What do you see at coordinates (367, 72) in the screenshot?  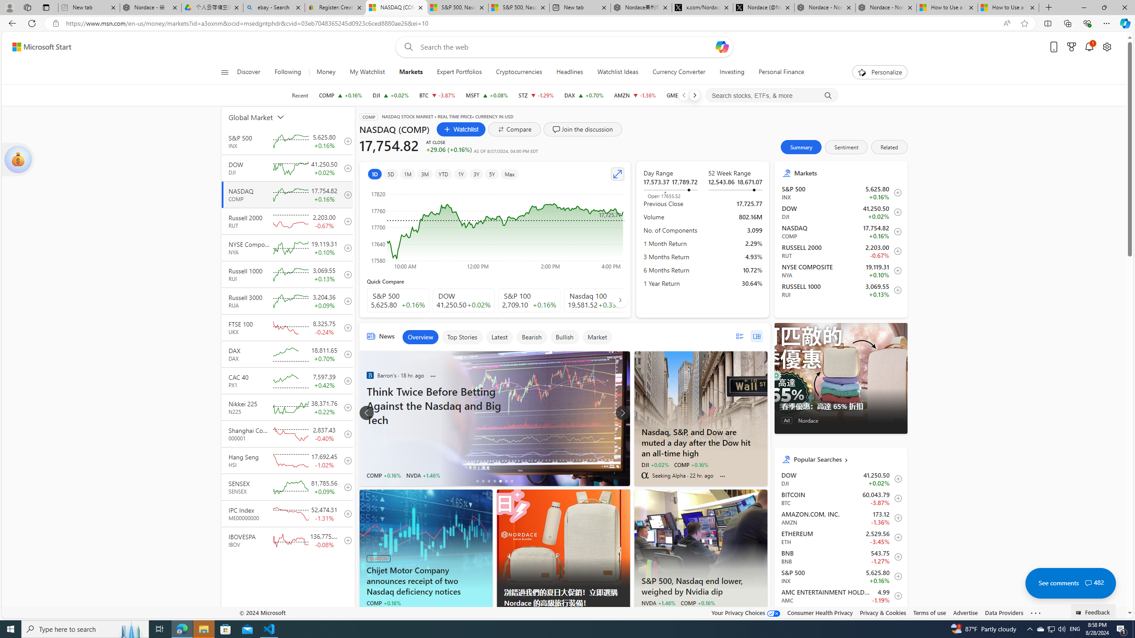 I see `'My Watchlist'` at bounding box center [367, 72].